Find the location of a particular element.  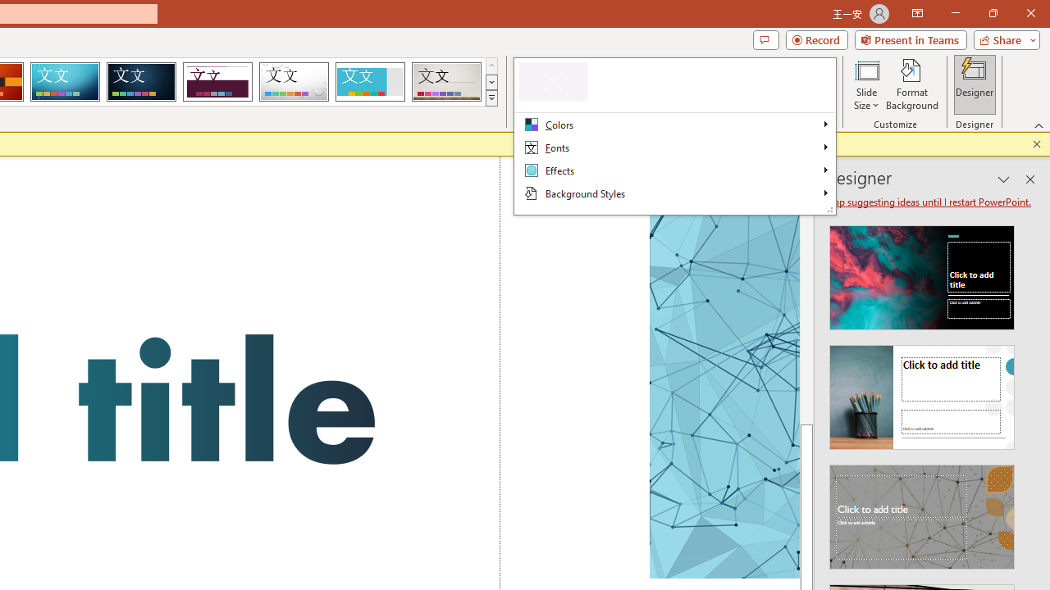

'Droplet' is located at coordinates (294, 82).